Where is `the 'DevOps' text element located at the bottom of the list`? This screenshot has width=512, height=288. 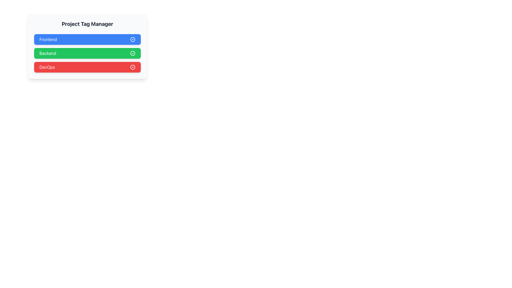
the 'DevOps' text element located at the bottom of the list is located at coordinates (47, 67).